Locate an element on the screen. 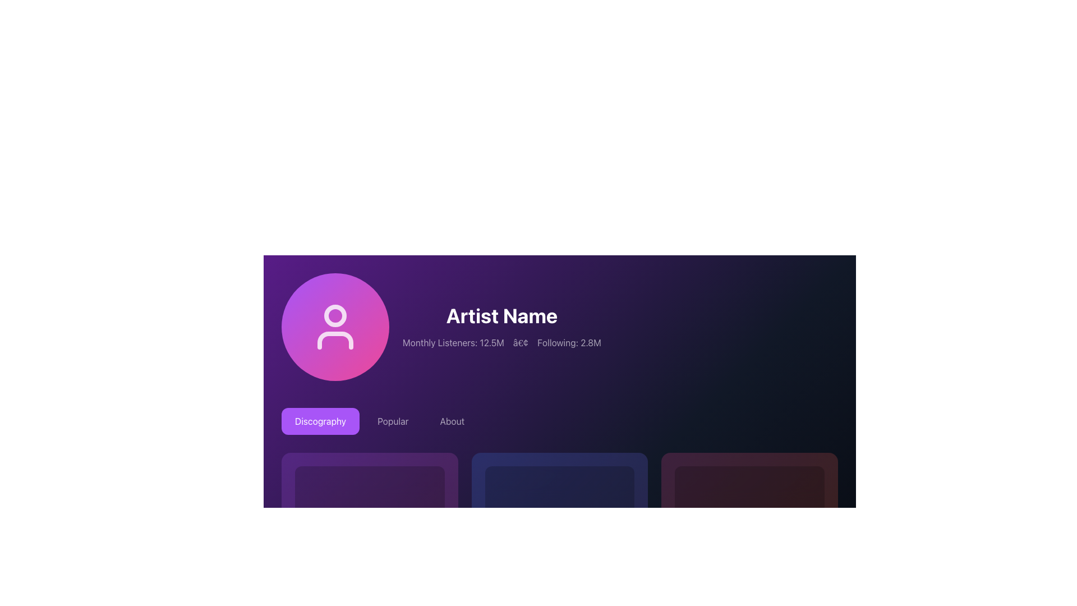  the 'About' button, which is the third button in a horizontal row of three buttons ('Discography', 'Popular', 'About') located beneath the artist profile section is located at coordinates (452, 421).